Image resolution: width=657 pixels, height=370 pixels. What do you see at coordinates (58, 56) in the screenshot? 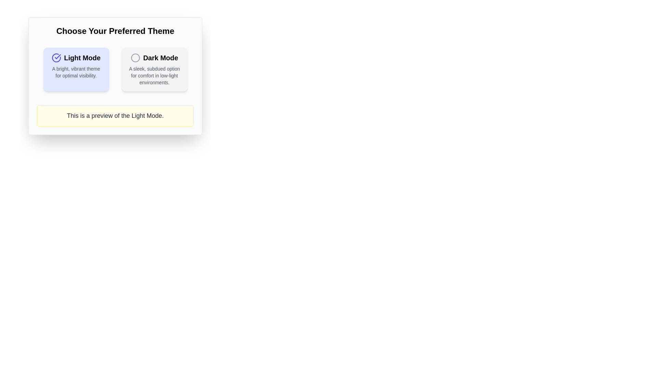
I see `the check mark icon within the SVG graphic that is part of the circle-check icon located to the left of the 'Light Mode' option` at bounding box center [58, 56].